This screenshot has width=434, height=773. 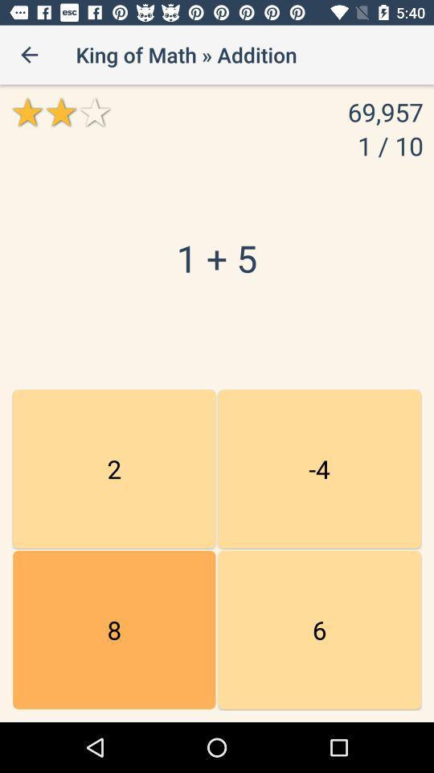 I want to click on the 25 icon, so click(x=319, y=469).